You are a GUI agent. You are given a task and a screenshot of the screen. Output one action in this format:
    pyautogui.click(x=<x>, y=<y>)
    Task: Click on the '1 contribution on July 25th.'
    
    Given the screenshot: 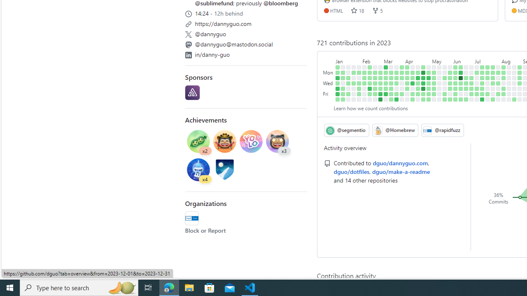 What is the action you would take?
    pyautogui.click(x=493, y=78)
    